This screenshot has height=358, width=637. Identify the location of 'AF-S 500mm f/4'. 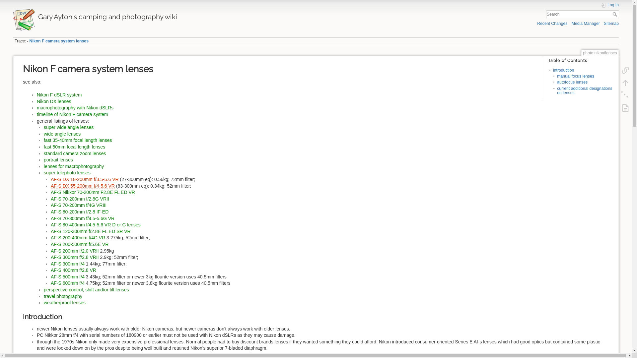
(50, 276).